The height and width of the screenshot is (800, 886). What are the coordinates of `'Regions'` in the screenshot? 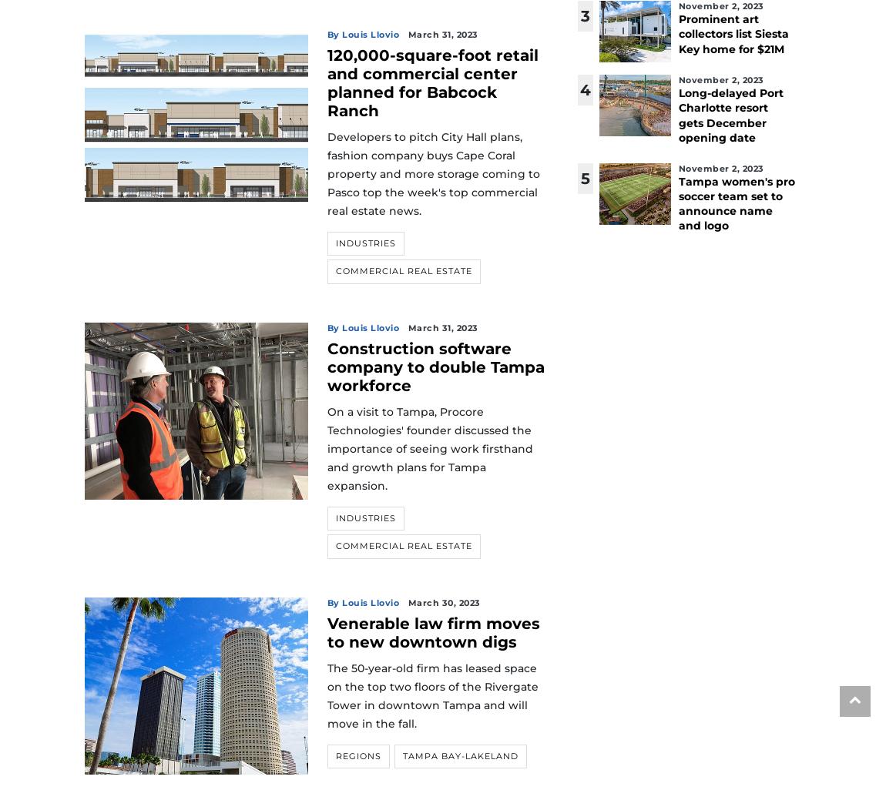 It's located at (335, 755).